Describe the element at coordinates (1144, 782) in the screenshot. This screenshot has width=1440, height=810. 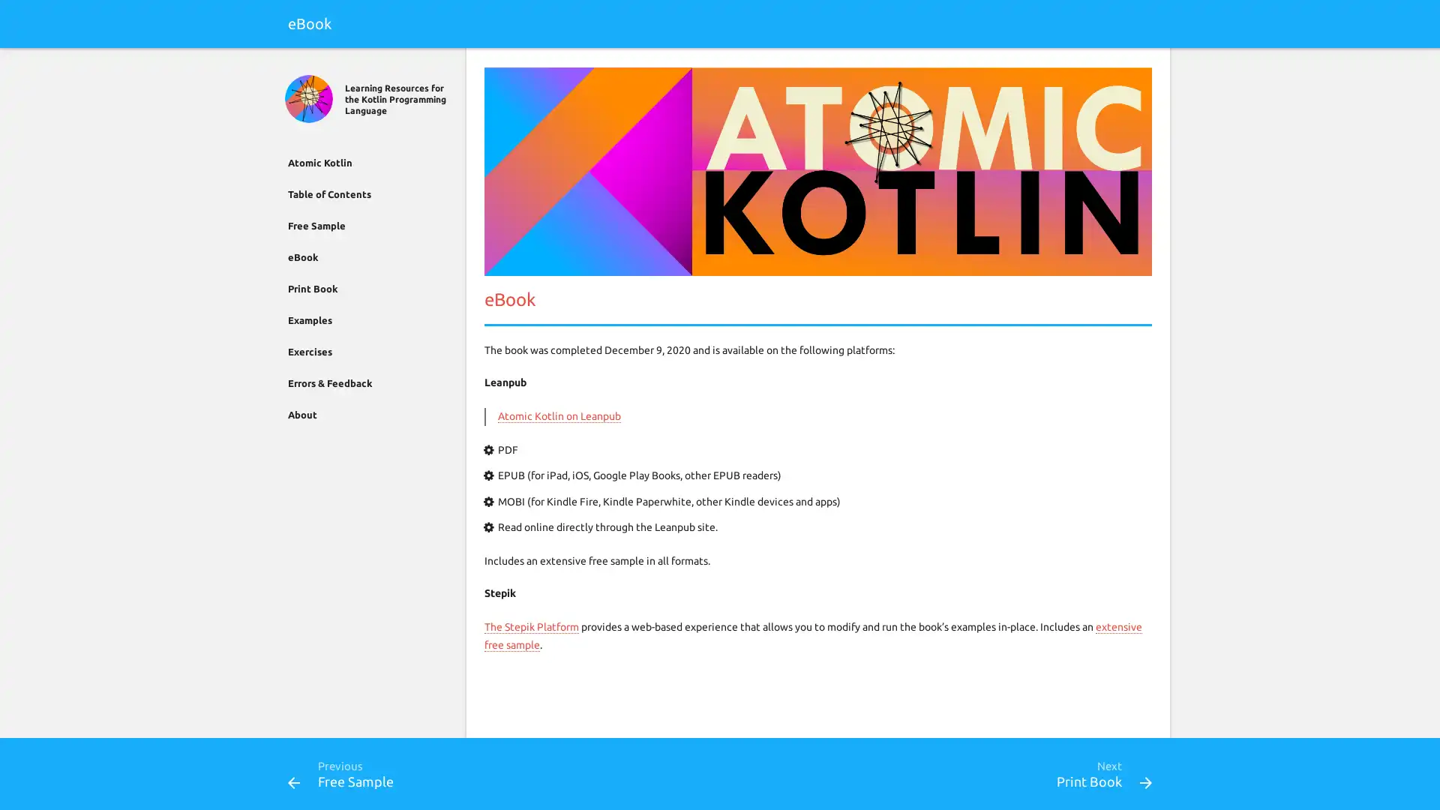
I see `Next` at that location.